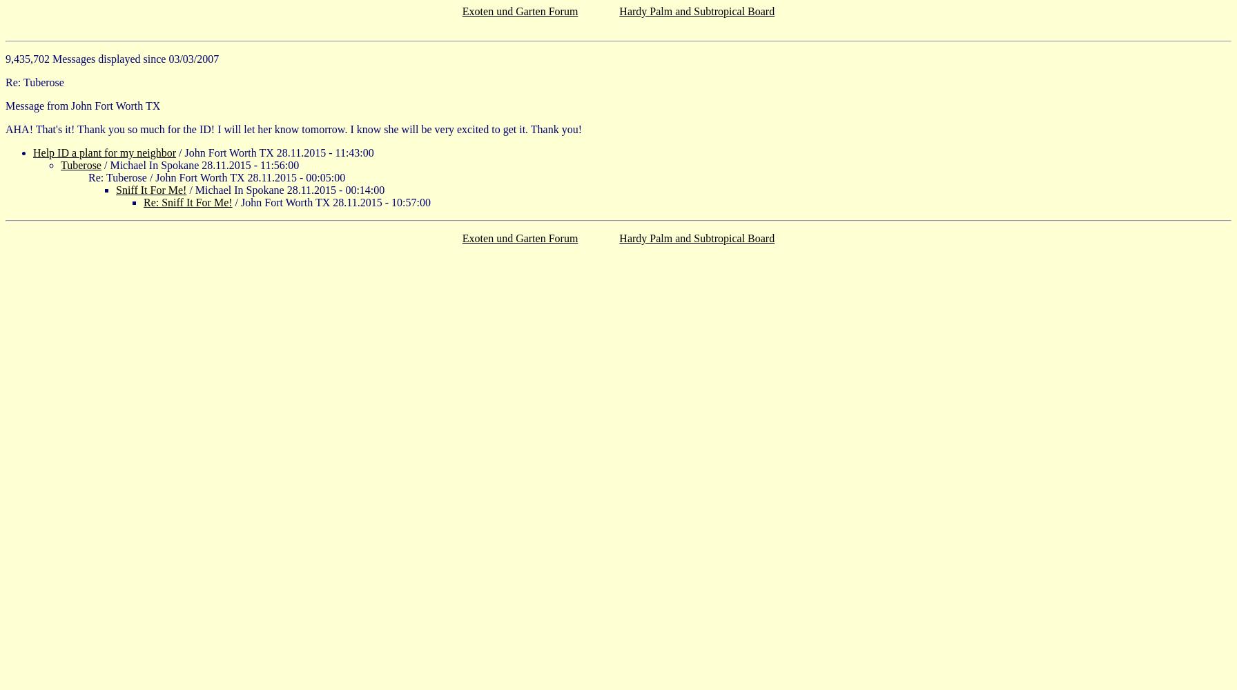 Image resolution: width=1237 pixels, height=690 pixels. What do you see at coordinates (199, 164) in the screenshot?
I see `'/ Michael In Spokane 28.11.2015 - 11:56:00'` at bounding box center [199, 164].